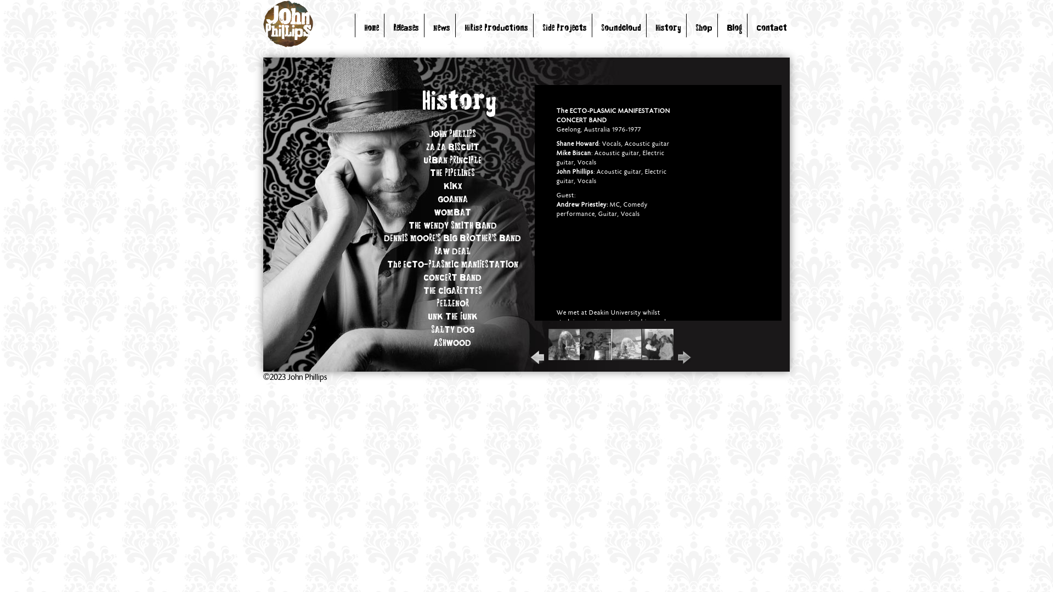 This screenshot has width=1053, height=592. What do you see at coordinates (452, 161) in the screenshot?
I see `'URBAN PRINCIPLE'` at bounding box center [452, 161].